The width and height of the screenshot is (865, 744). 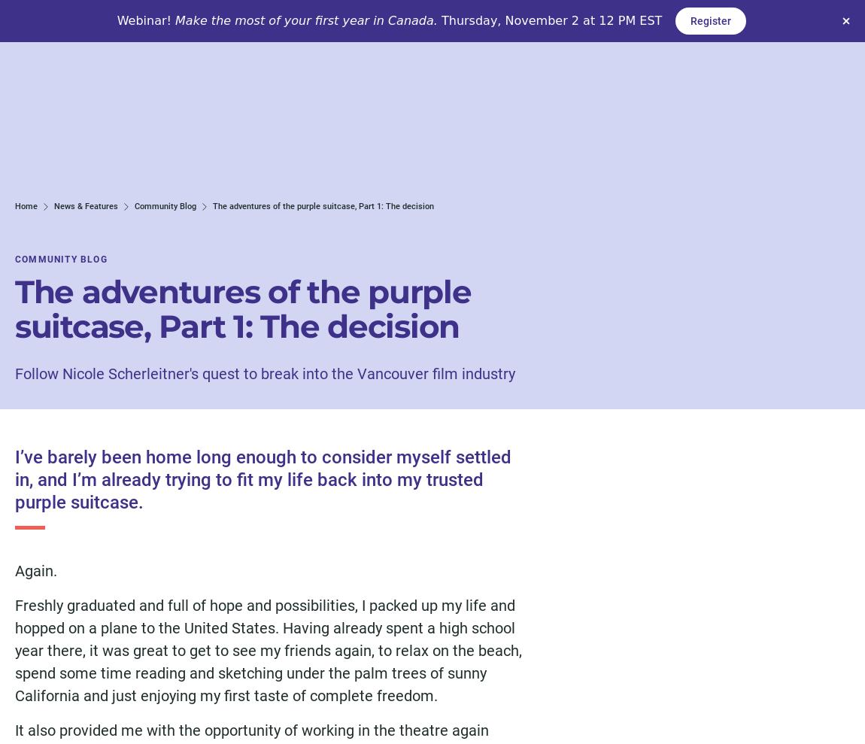 I want to click on 'Advertisement', so click(x=635, y=281).